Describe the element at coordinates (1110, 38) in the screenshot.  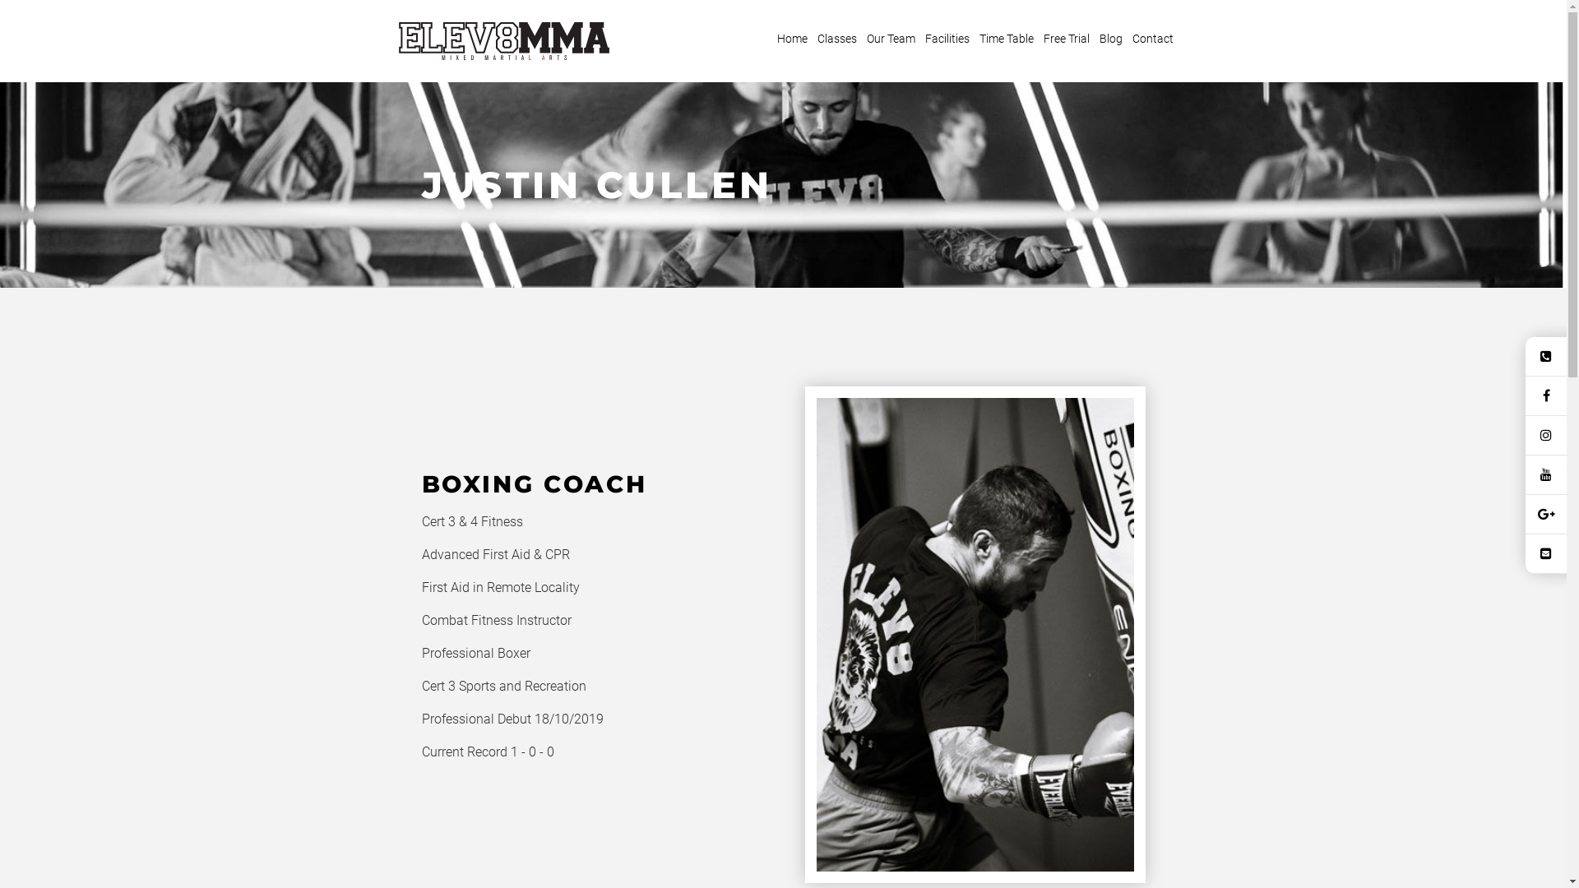
I see `'Blog'` at that location.